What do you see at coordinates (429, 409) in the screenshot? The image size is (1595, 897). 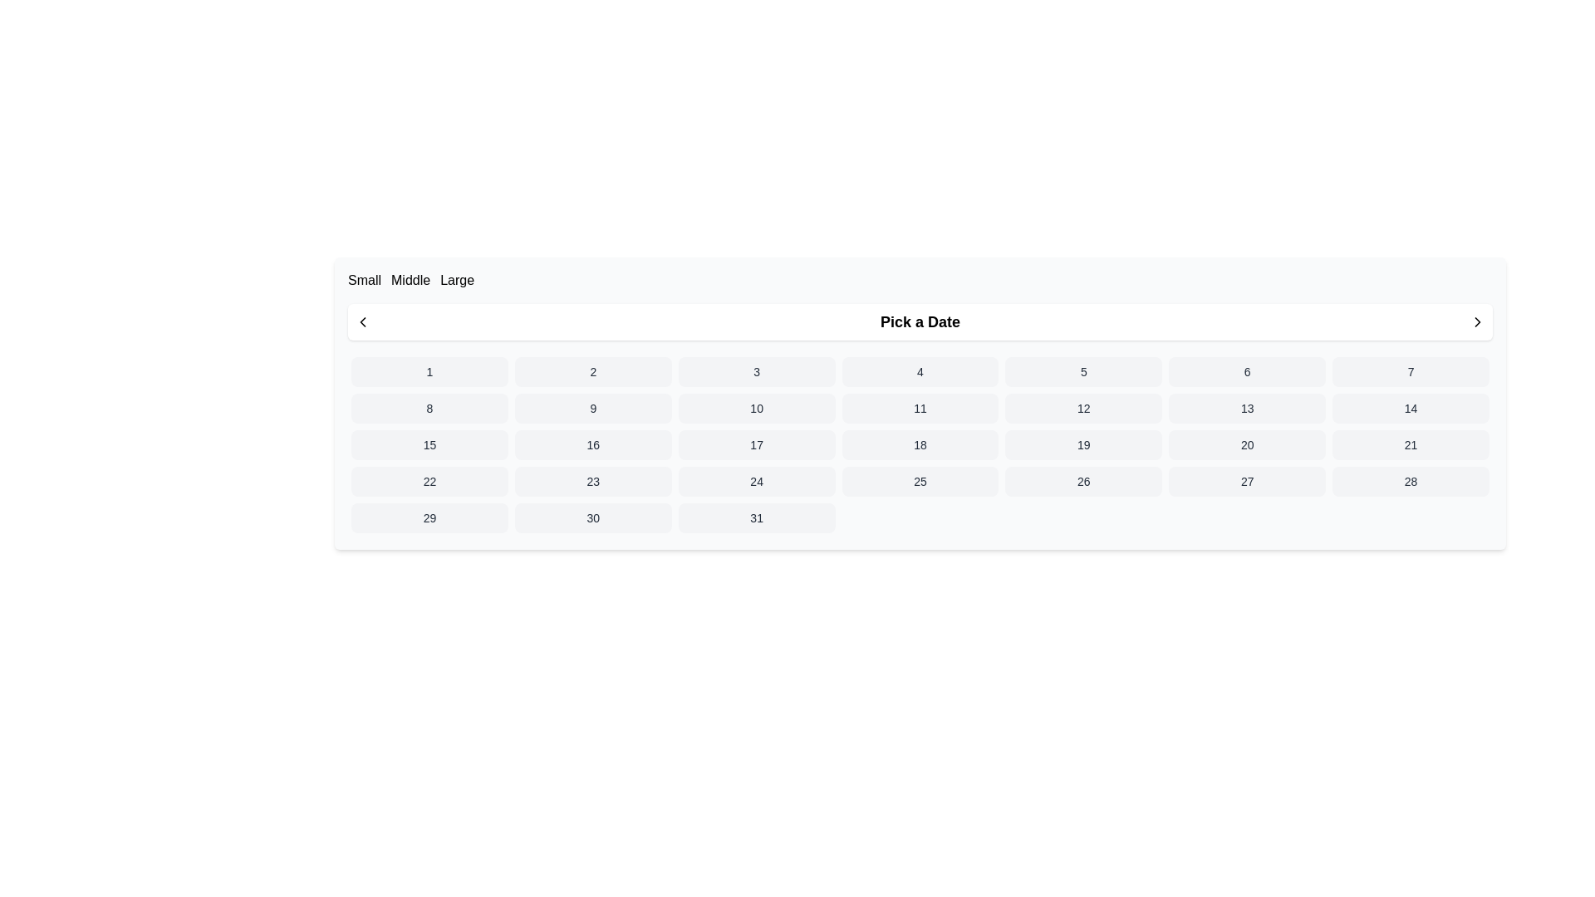 I see `the button representing the value '8' in the number picker interface` at bounding box center [429, 409].